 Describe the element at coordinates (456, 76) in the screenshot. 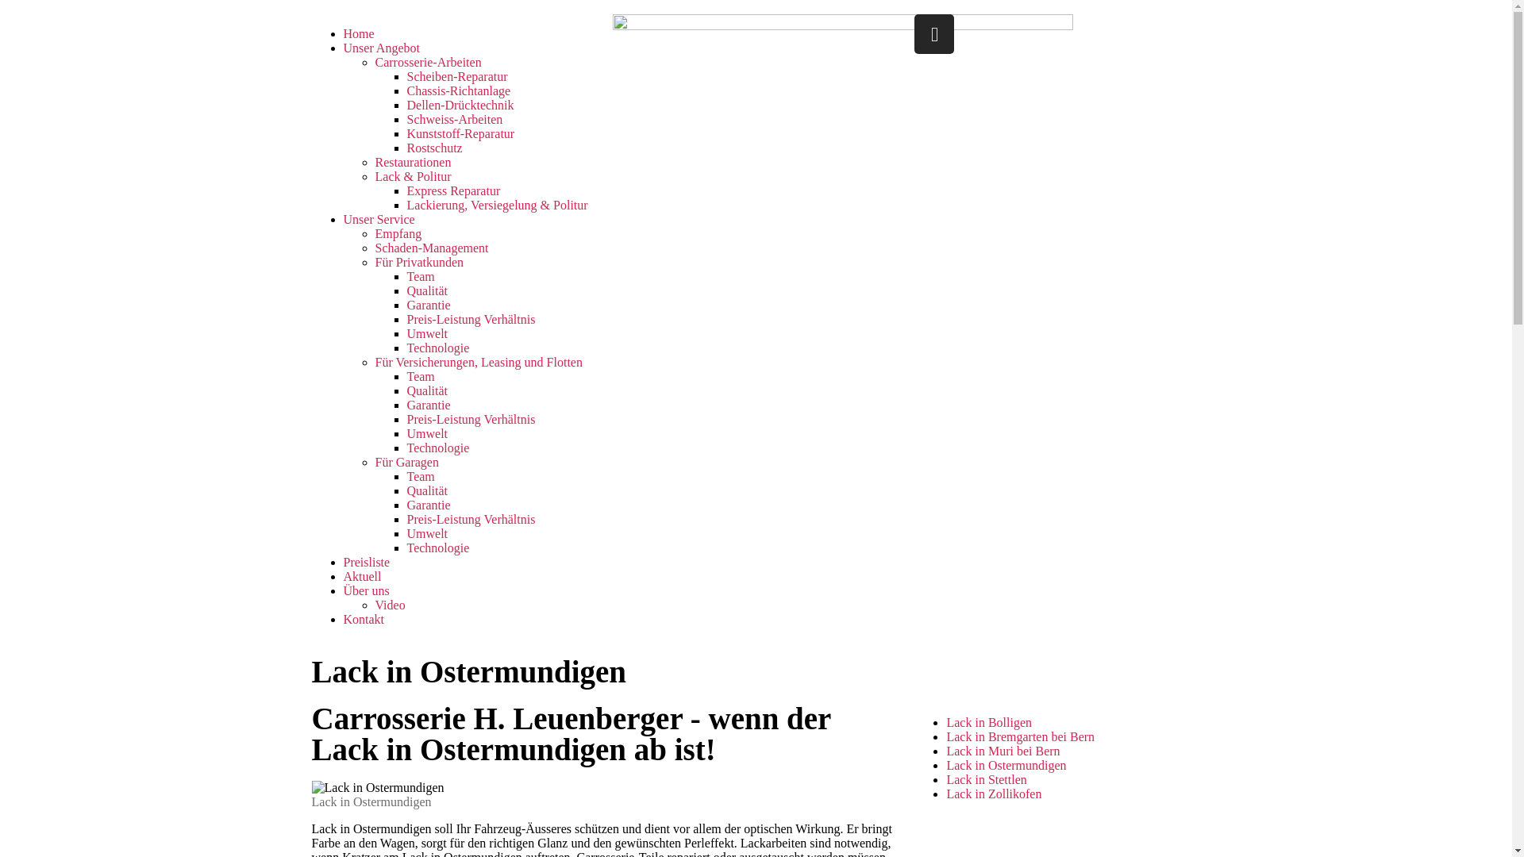

I see `'Scheiben-Reparatur'` at that location.